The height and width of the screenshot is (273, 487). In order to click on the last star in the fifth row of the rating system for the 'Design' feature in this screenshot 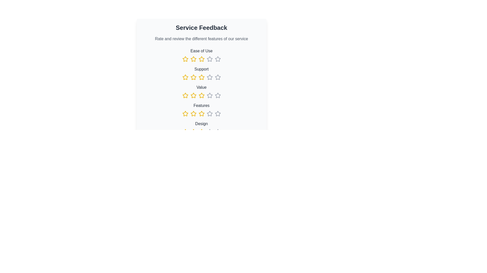, I will do `click(193, 131)`.